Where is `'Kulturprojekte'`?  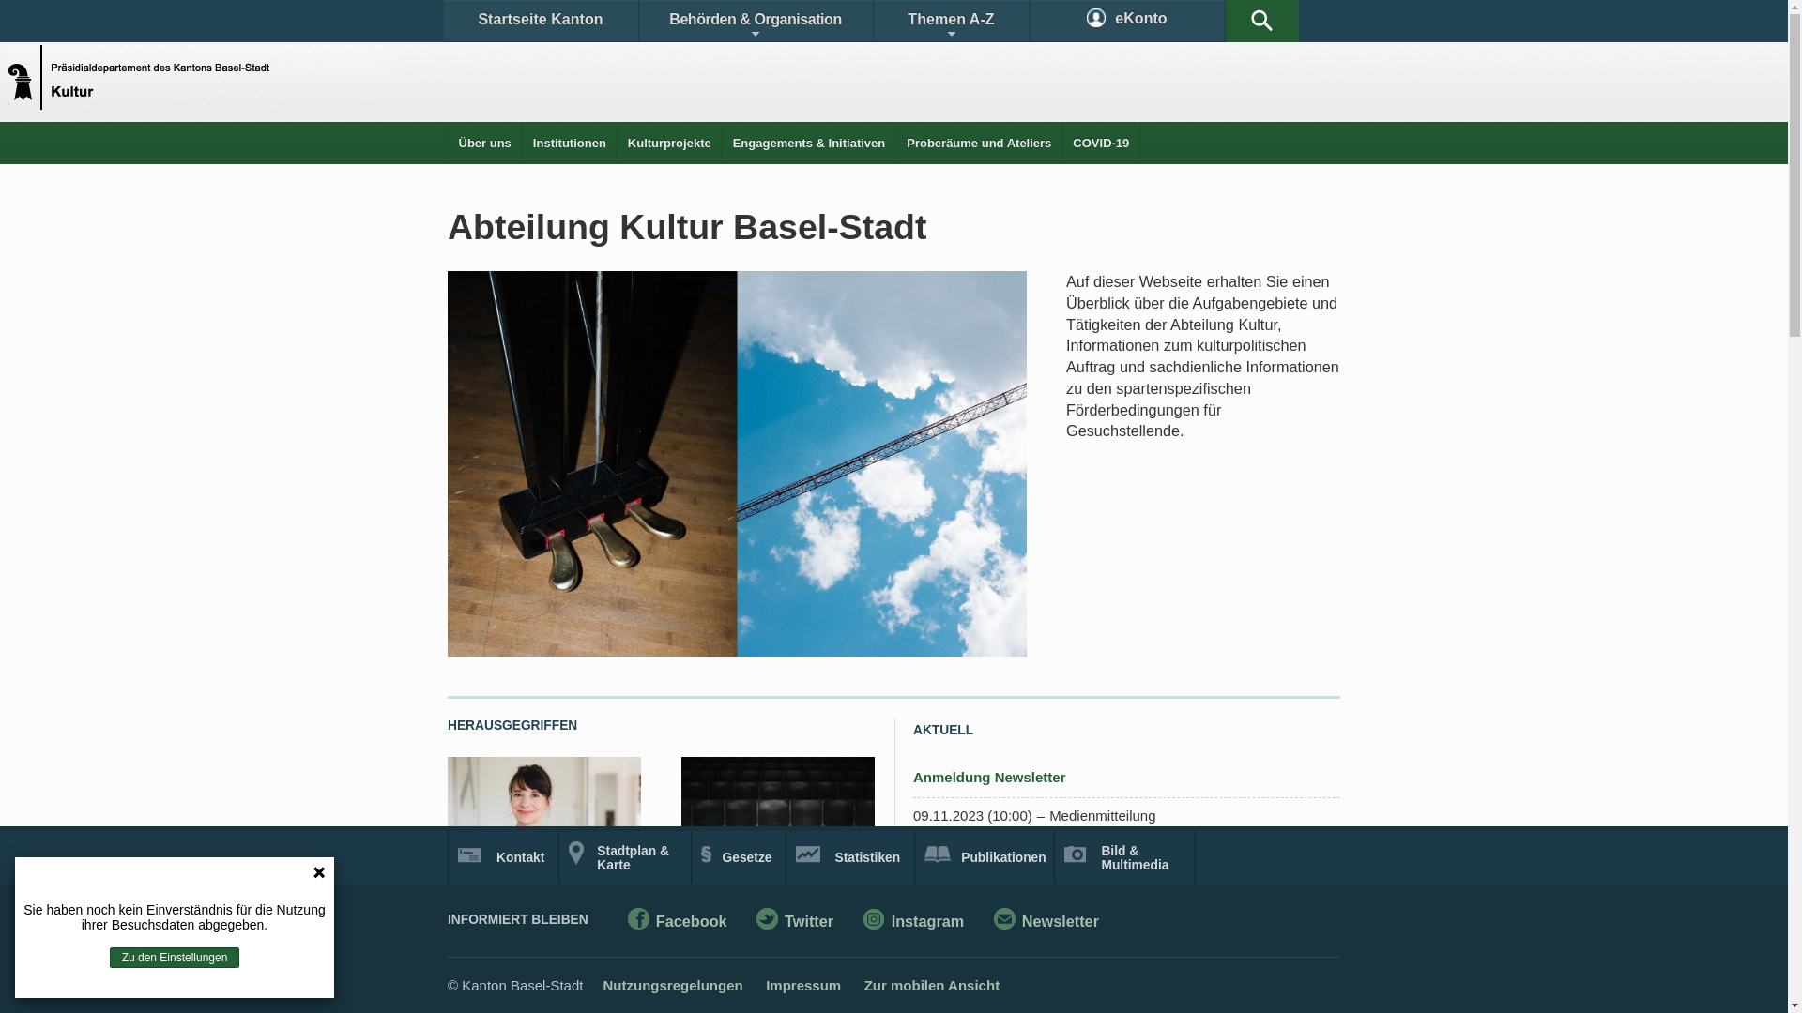
'Kulturprojekte' is located at coordinates (669, 142).